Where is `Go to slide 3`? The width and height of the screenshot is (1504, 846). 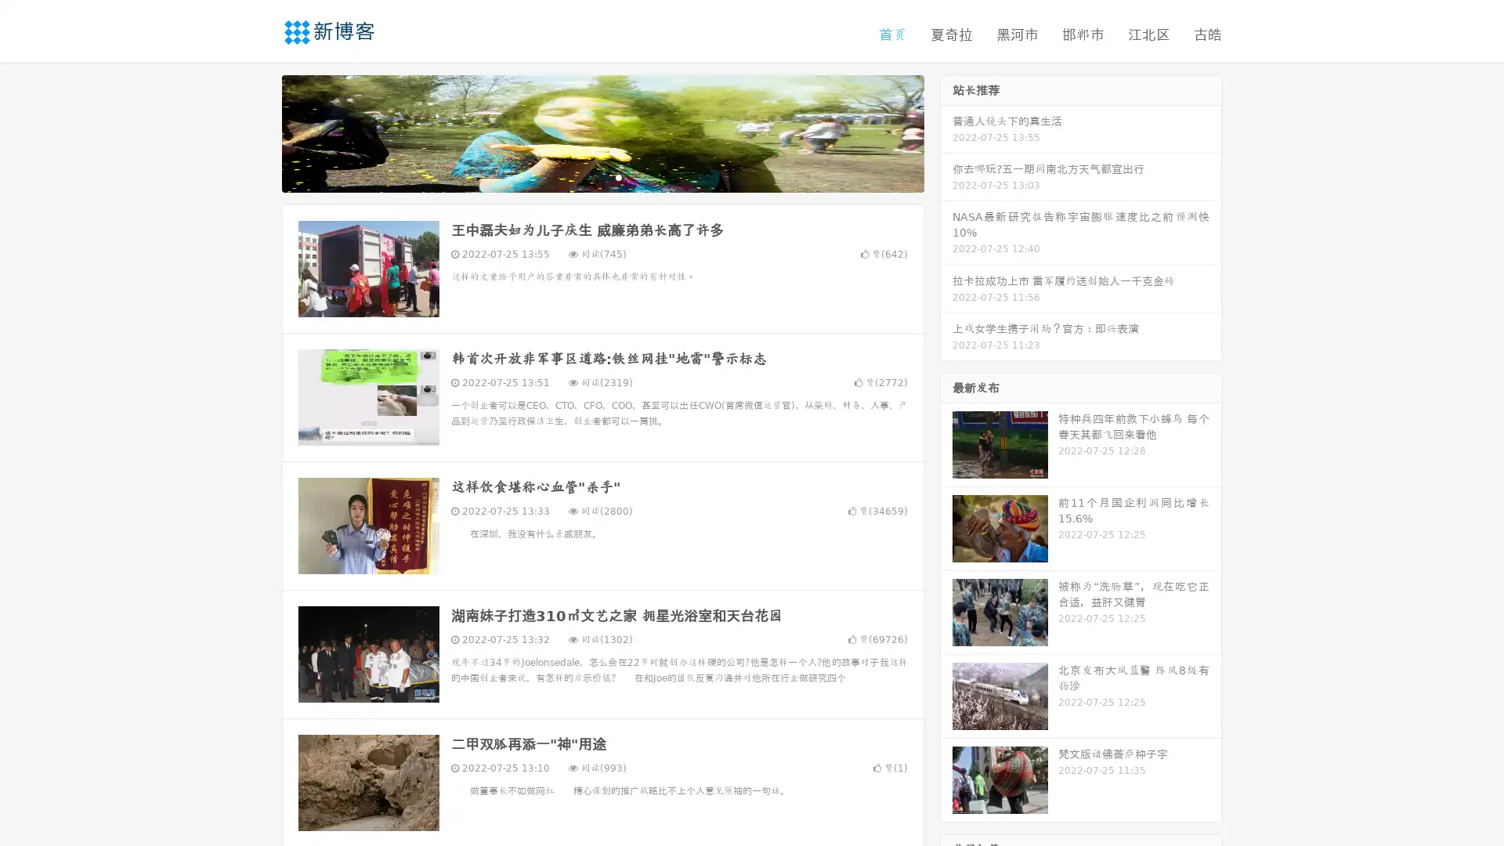
Go to slide 3 is located at coordinates (618, 176).